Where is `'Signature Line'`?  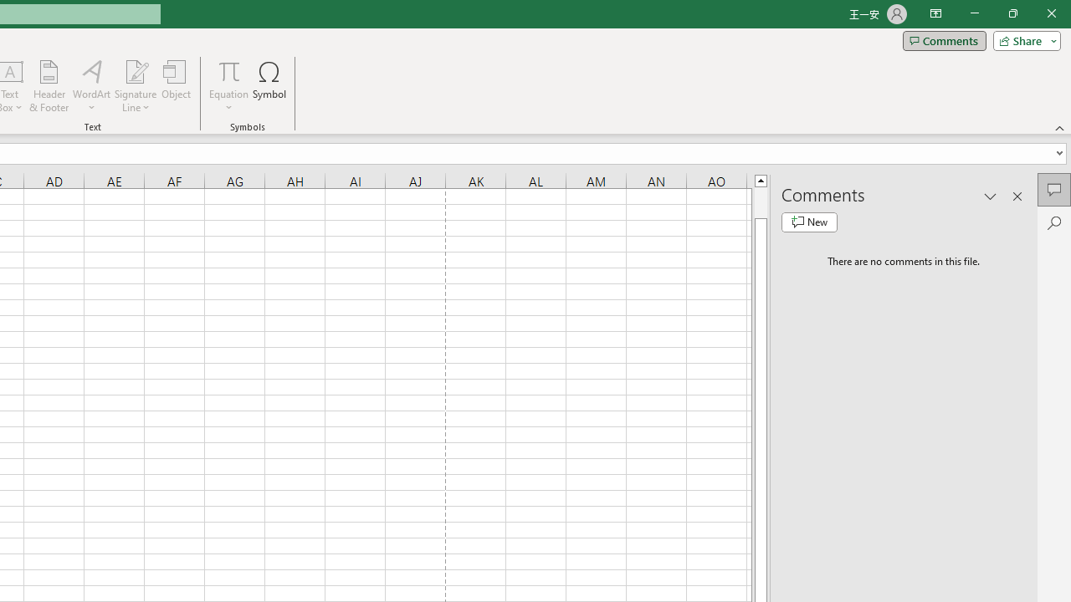 'Signature Line' is located at coordinates (135, 86).